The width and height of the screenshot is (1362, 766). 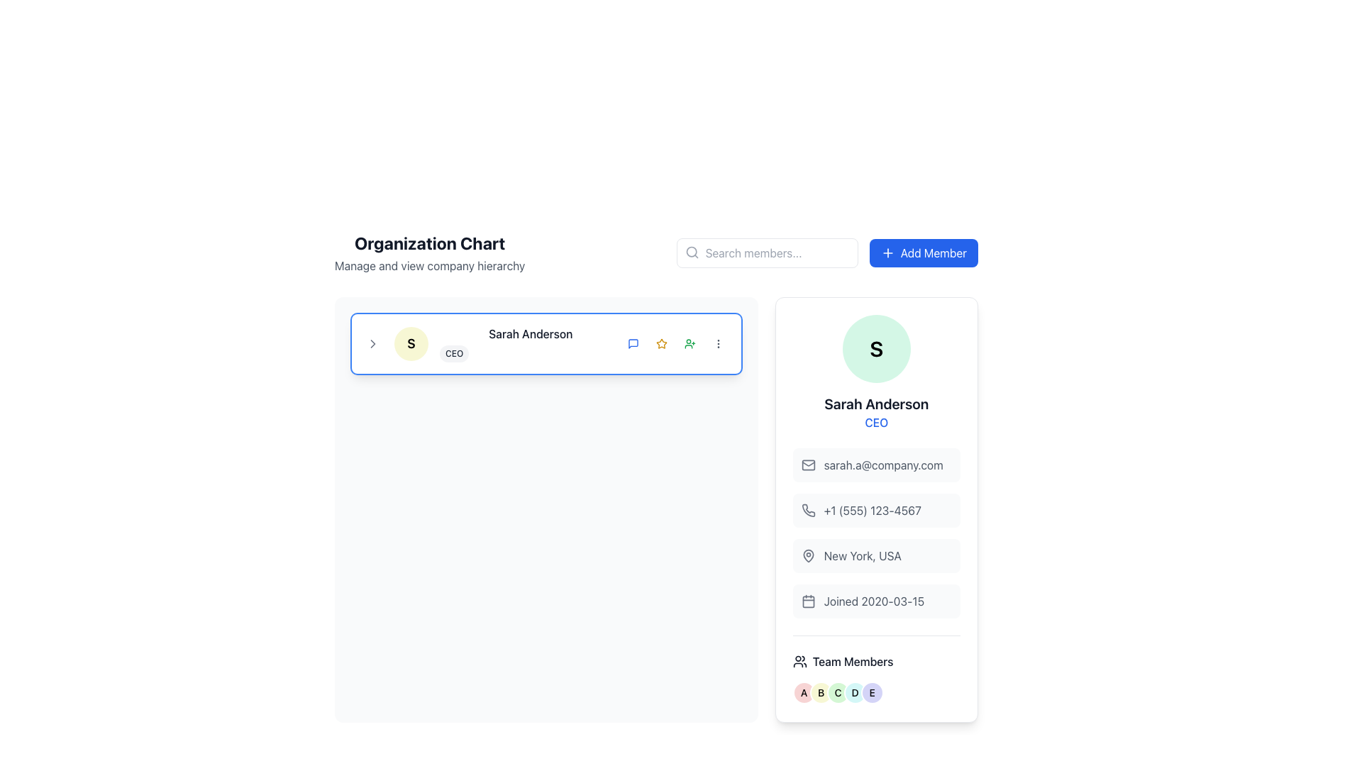 What do you see at coordinates (875, 404) in the screenshot?
I see `the text label displaying 'Sarah Anderson', which is` at bounding box center [875, 404].